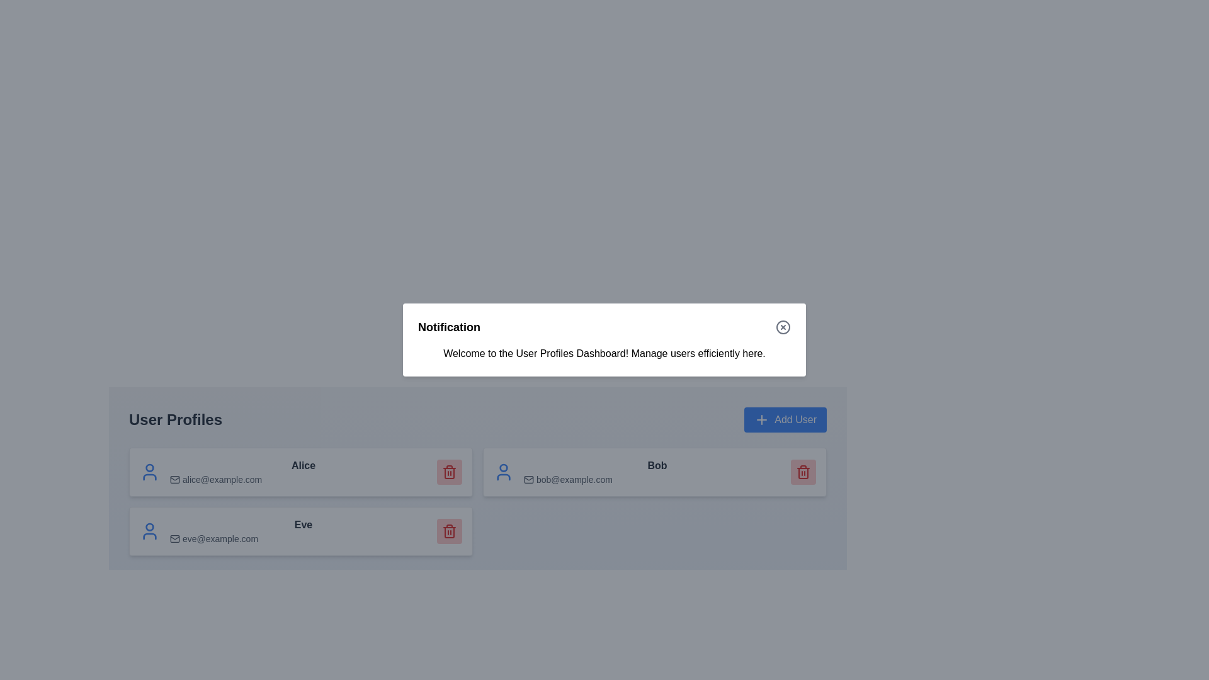  What do you see at coordinates (785, 420) in the screenshot?
I see `the 'Add User Profile' button located at the top-right corner of the main content area` at bounding box center [785, 420].